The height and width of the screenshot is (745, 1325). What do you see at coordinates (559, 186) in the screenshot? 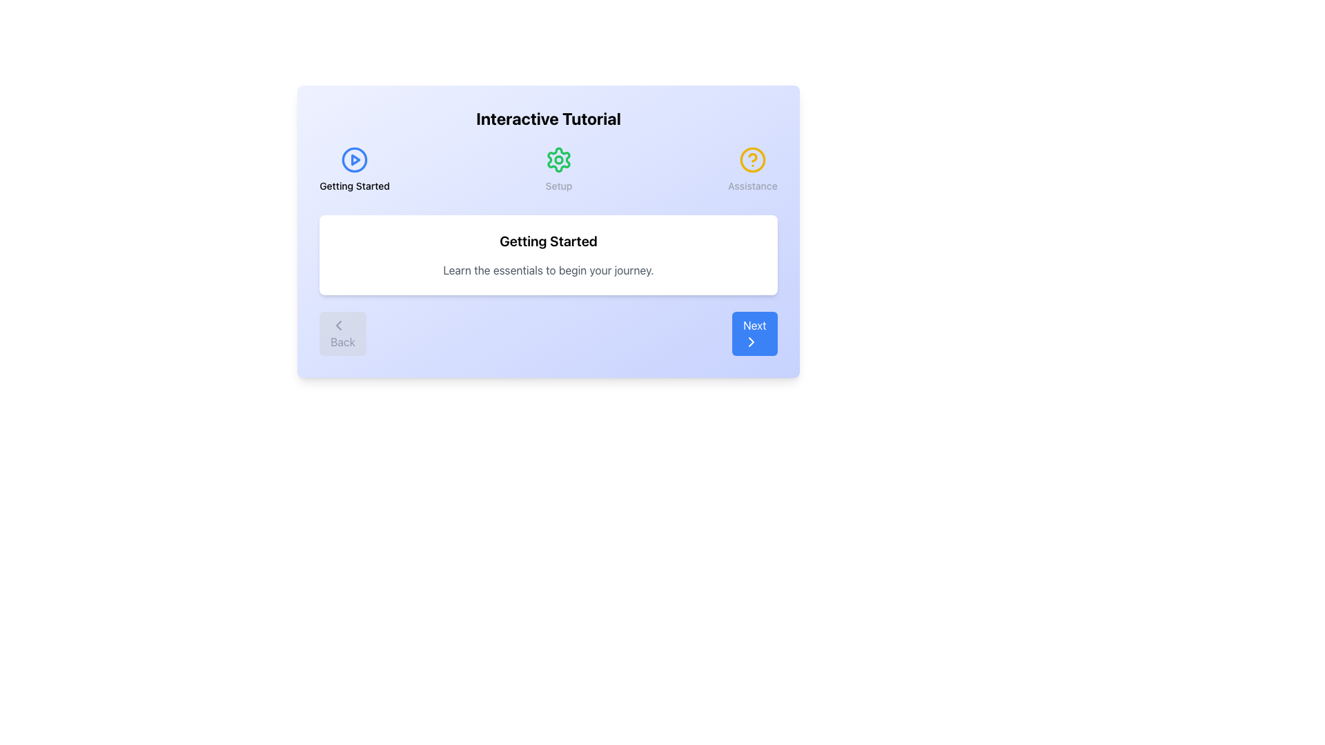
I see `the Static Text element labeled 'Setup', which is styled with a small font size and medium weight, located under a green settings icon` at bounding box center [559, 186].